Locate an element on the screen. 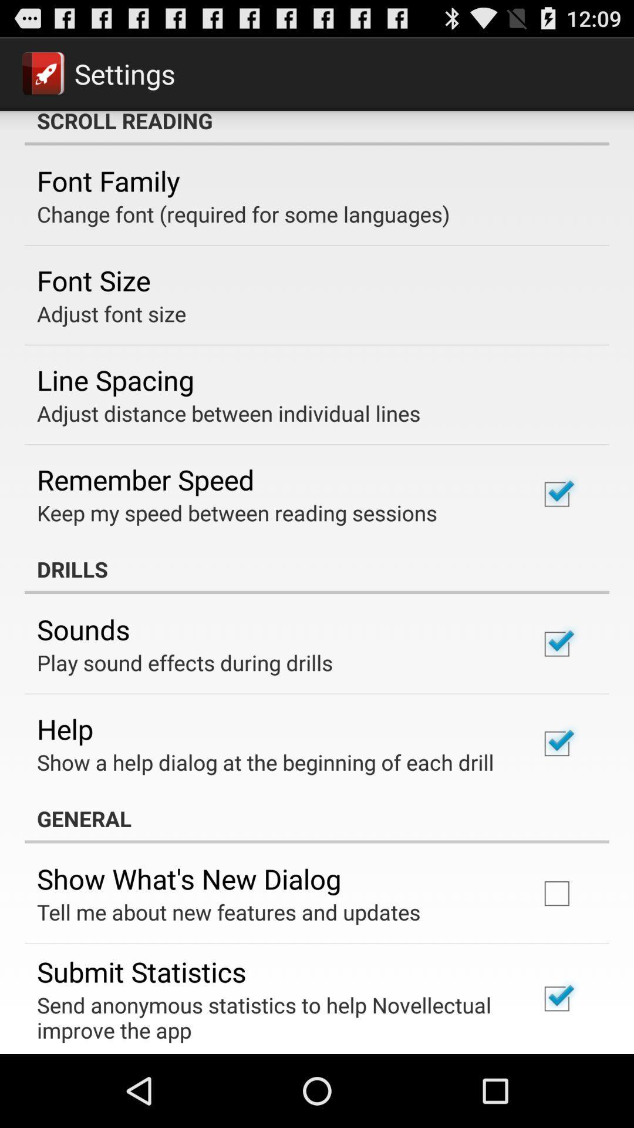 The image size is (634, 1128). the icon below line spacing is located at coordinates (228, 413).